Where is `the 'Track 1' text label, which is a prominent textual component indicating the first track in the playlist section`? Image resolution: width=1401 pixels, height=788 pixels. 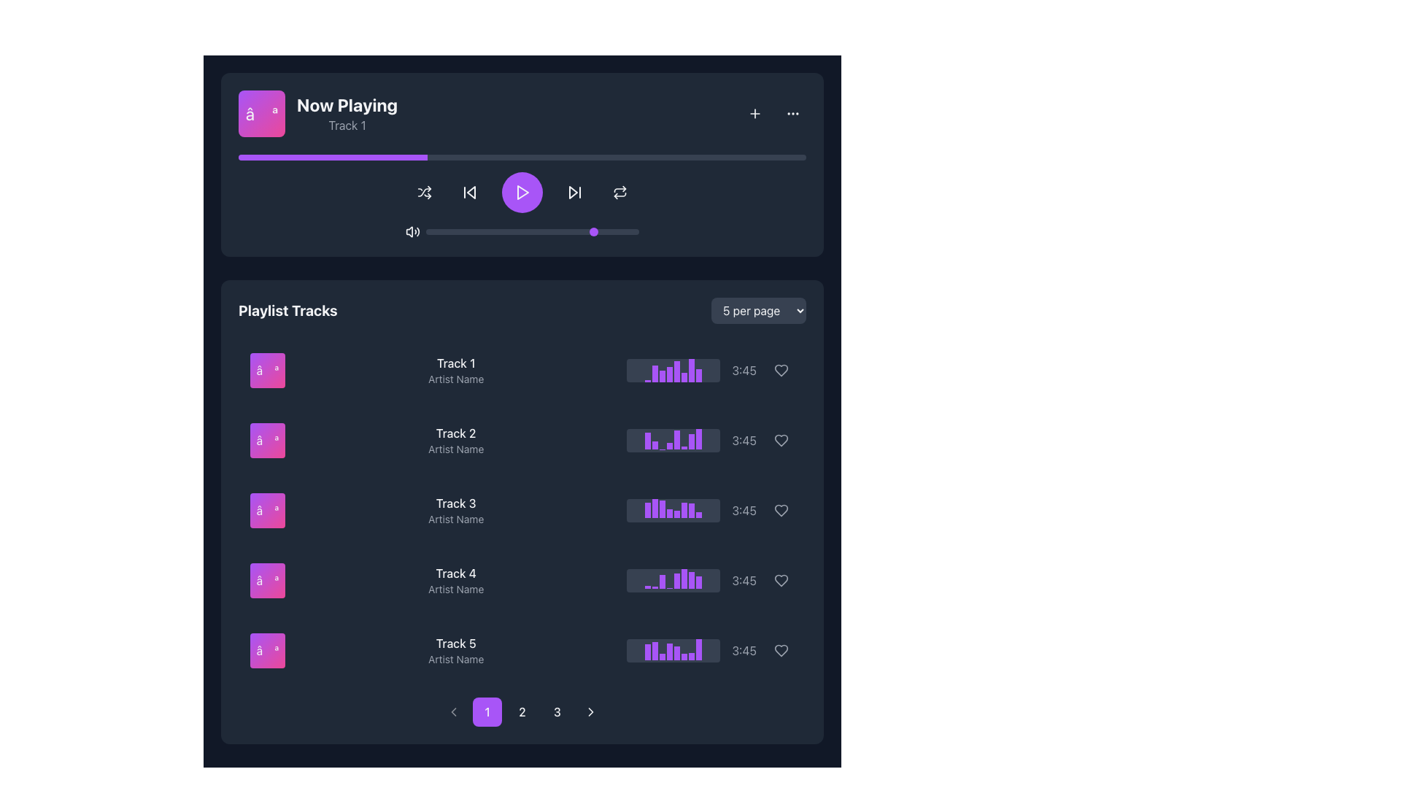 the 'Track 1' text label, which is a prominent textual component indicating the first track in the playlist section is located at coordinates (455, 362).